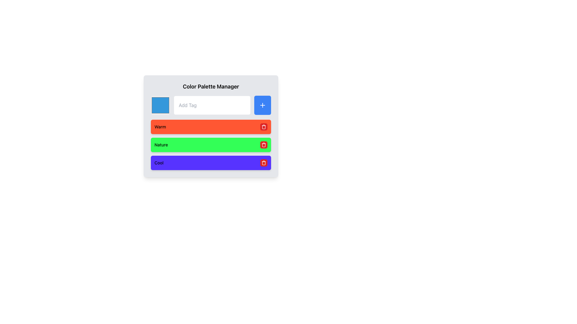  What do you see at coordinates (264, 145) in the screenshot?
I see `the delete icon button associated with the 'Nature' item, located at the rightmost edge of the green-colored item in the list` at bounding box center [264, 145].